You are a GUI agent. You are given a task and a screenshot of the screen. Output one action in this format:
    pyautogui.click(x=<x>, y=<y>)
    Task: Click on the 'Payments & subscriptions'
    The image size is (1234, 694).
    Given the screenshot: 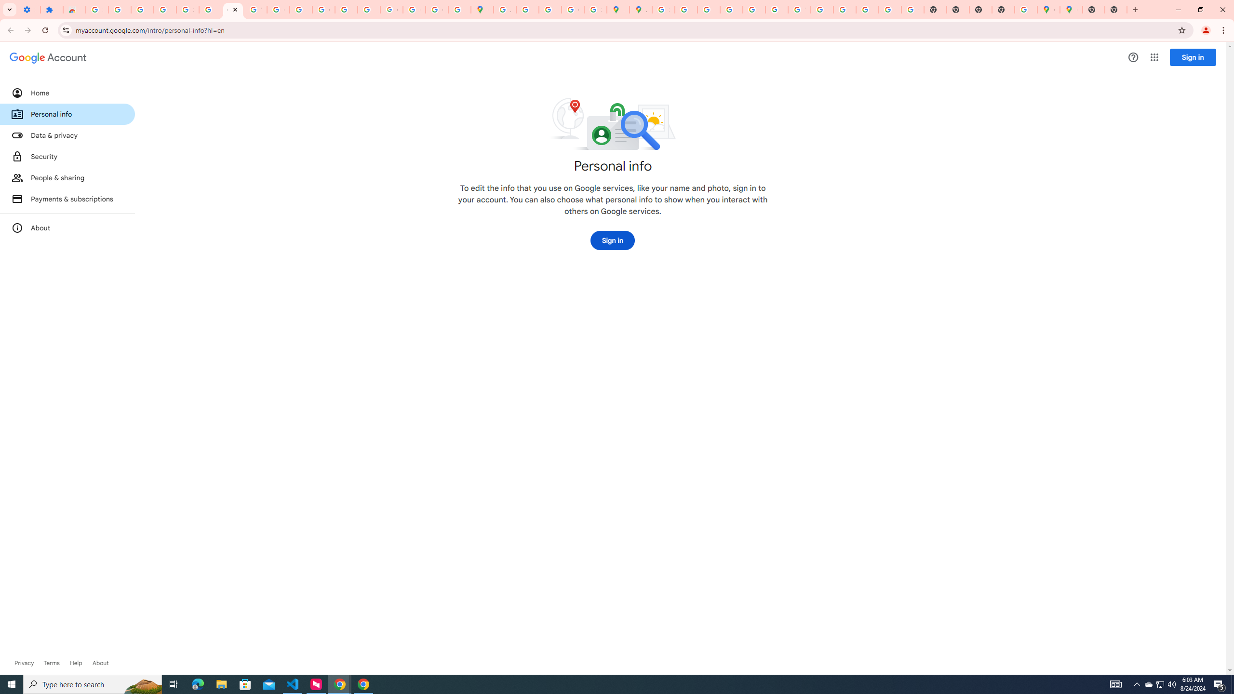 What is the action you would take?
    pyautogui.click(x=67, y=199)
    